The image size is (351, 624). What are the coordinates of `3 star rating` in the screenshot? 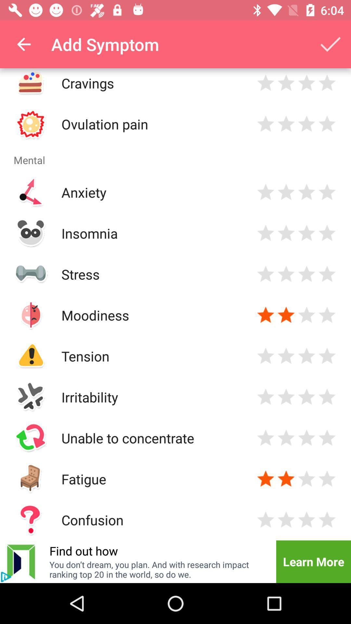 It's located at (286, 396).